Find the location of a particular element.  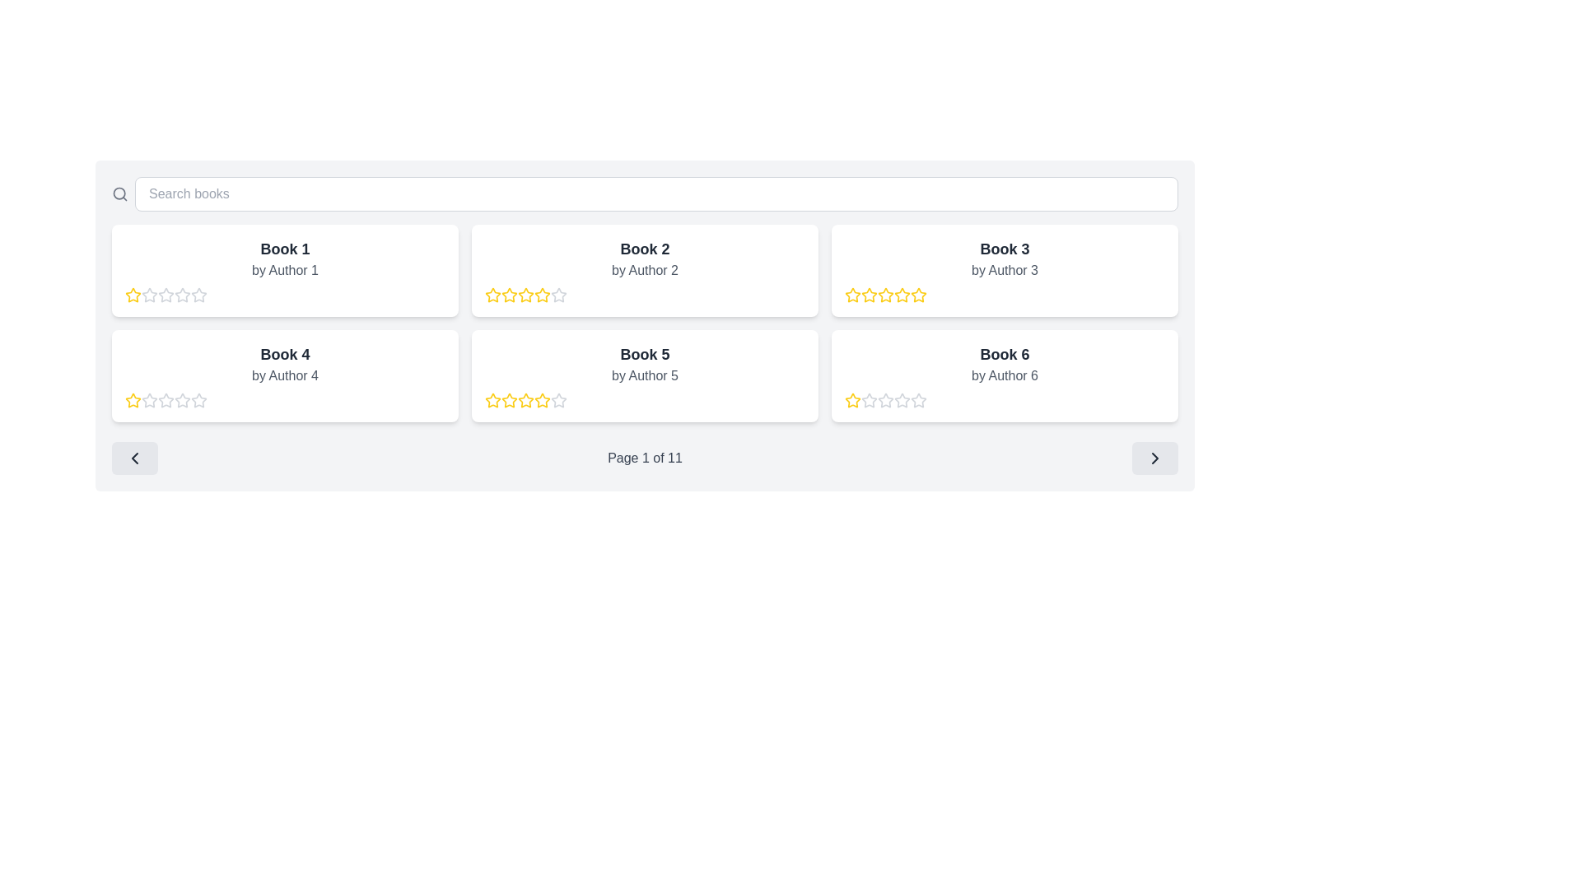

the fifth star icon in the star rating component for 'Book 5 by Author 5' is located at coordinates (542, 400).